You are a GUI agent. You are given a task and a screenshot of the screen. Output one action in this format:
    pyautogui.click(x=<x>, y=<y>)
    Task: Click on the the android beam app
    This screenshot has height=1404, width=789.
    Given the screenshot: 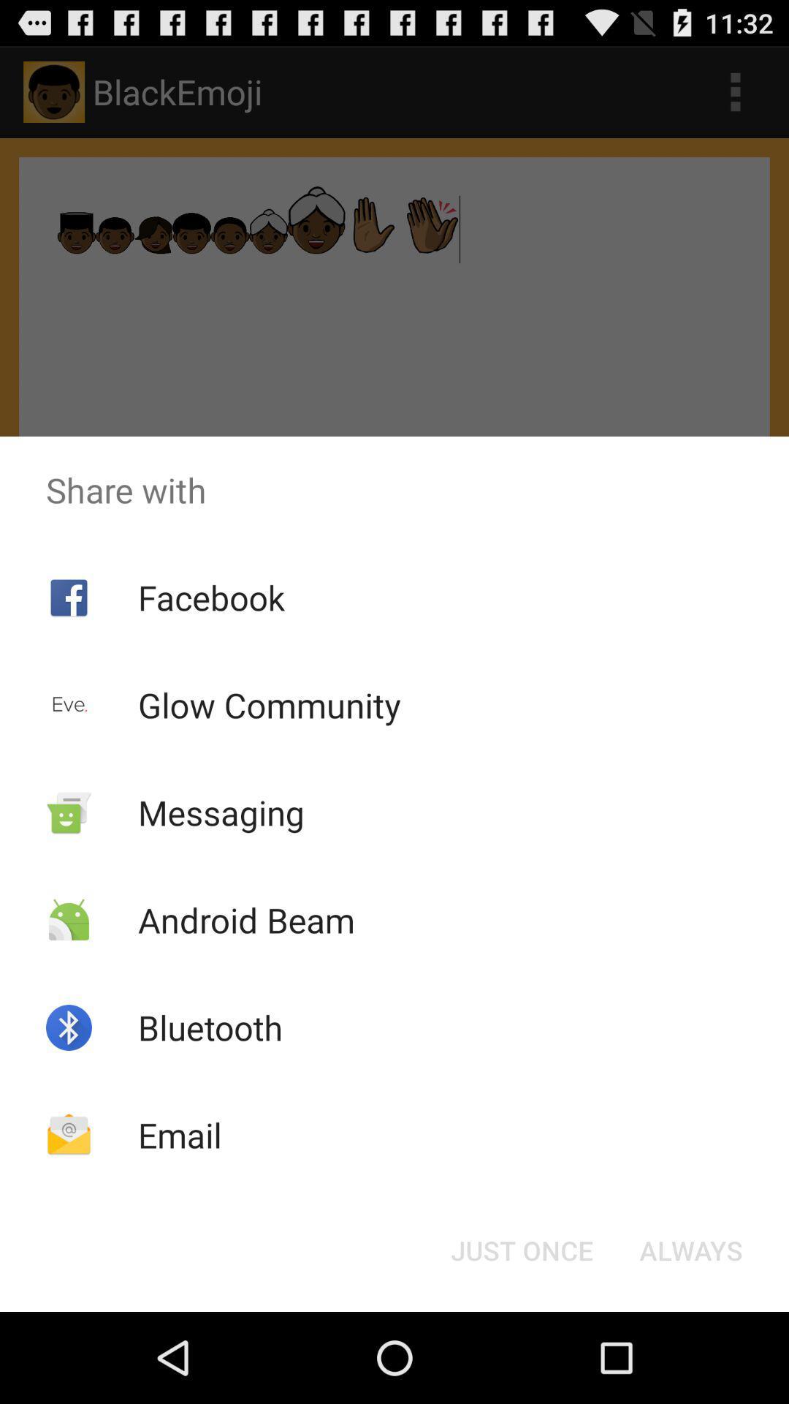 What is the action you would take?
    pyautogui.click(x=245, y=919)
    